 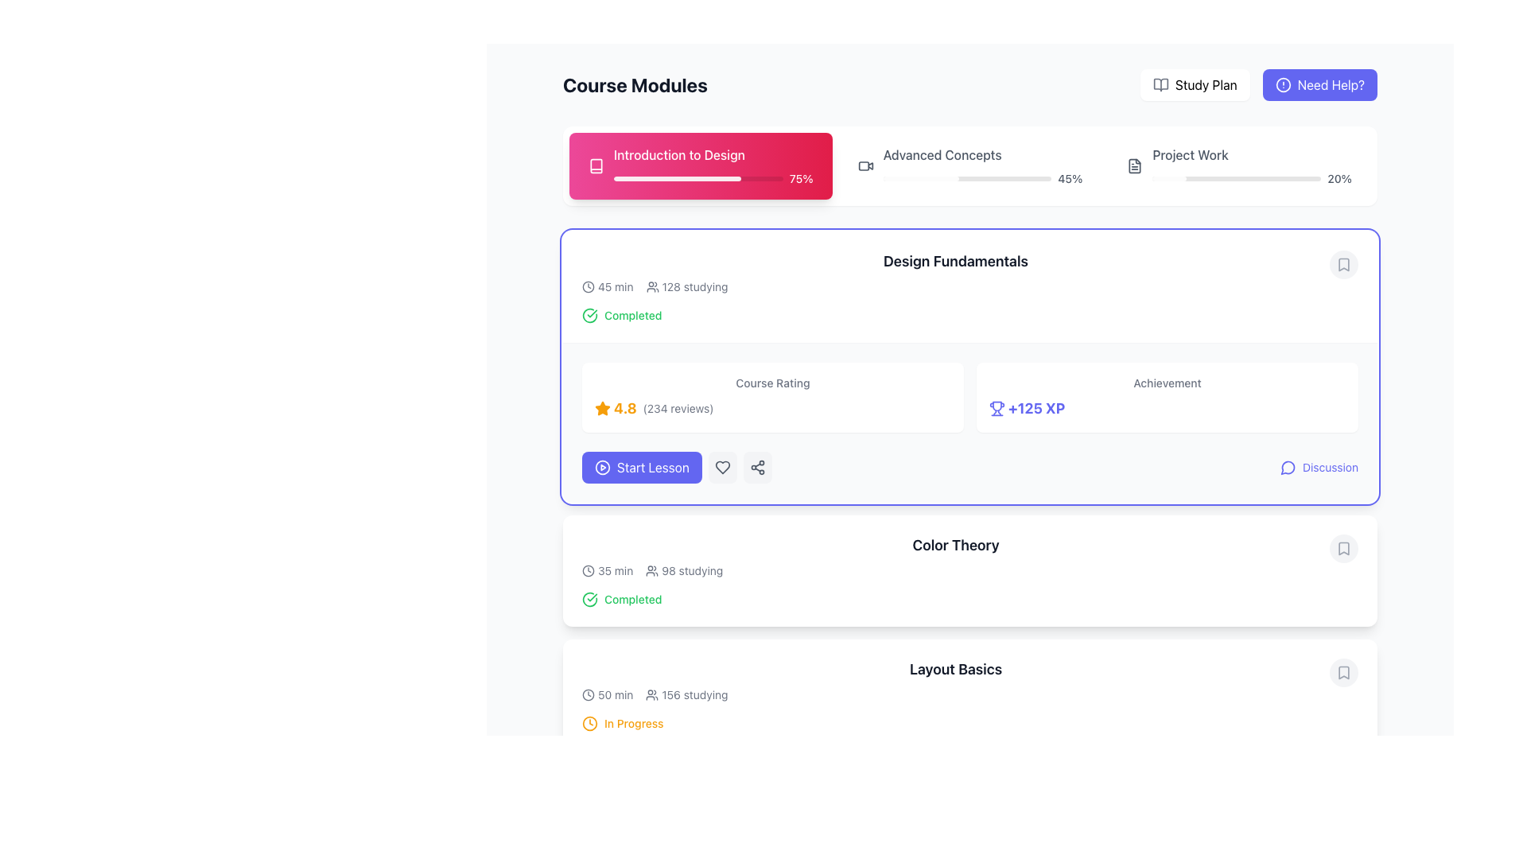 I want to click on text label displaying '35 min', which is located next to a clock icon in the 'Color Theory' section, so click(x=607, y=569).